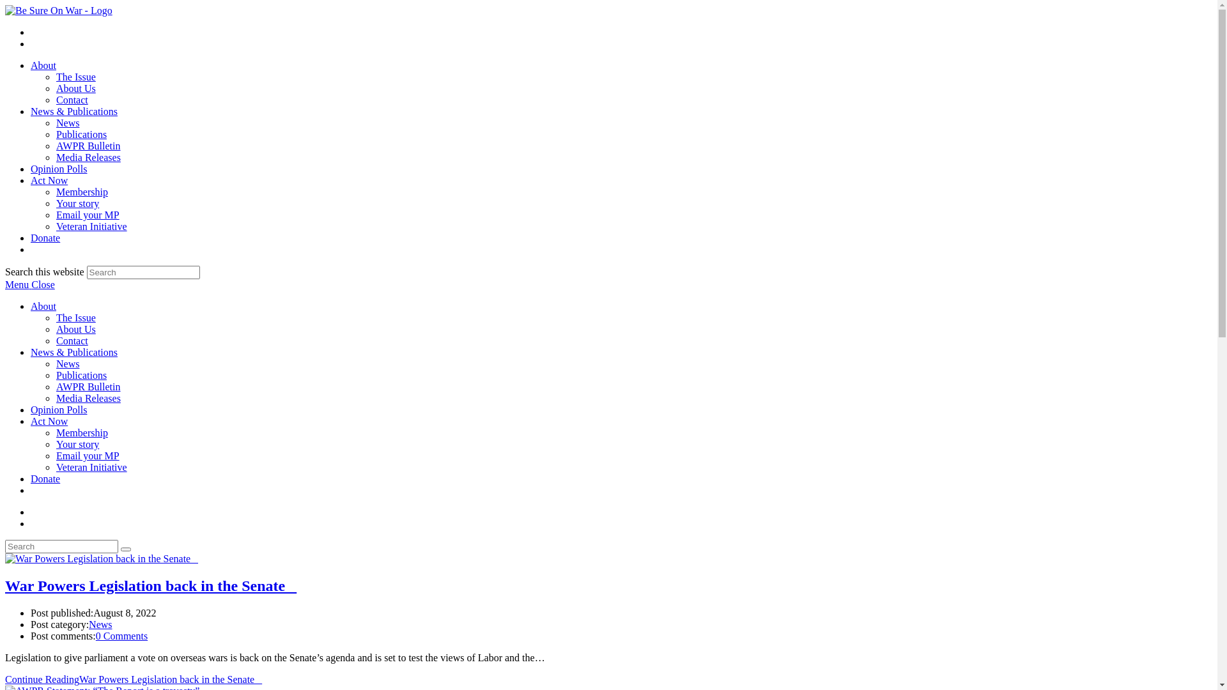 The width and height of the screenshot is (1227, 690). Describe the element at coordinates (45, 238) in the screenshot. I see `'Donate'` at that location.